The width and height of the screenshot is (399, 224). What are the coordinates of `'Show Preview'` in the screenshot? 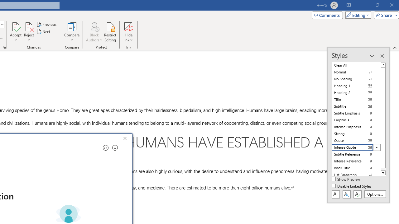 It's located at (346, 180).